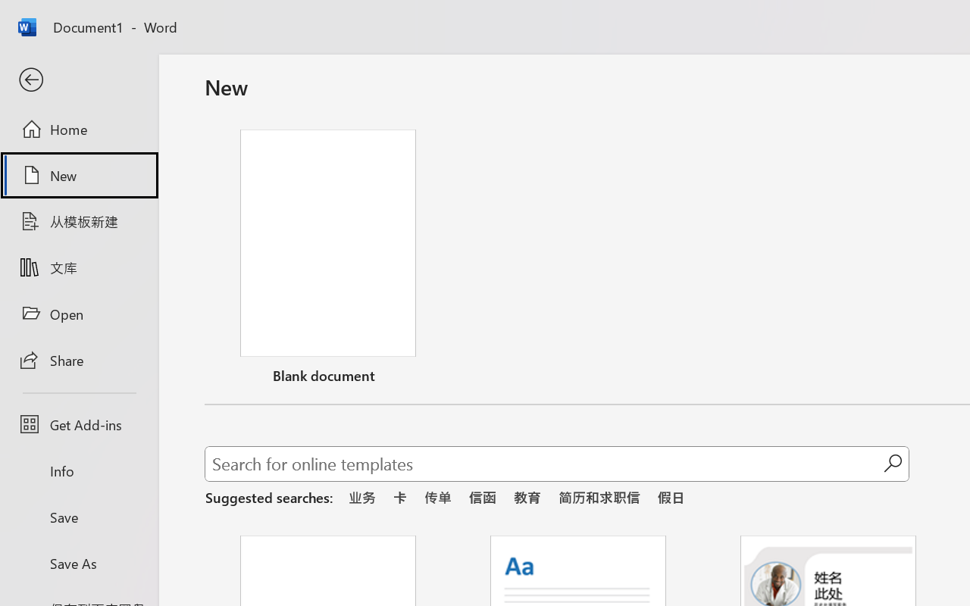 This screenshot has height=606, width=970. I want to click on 'Info', so click(78, 470).